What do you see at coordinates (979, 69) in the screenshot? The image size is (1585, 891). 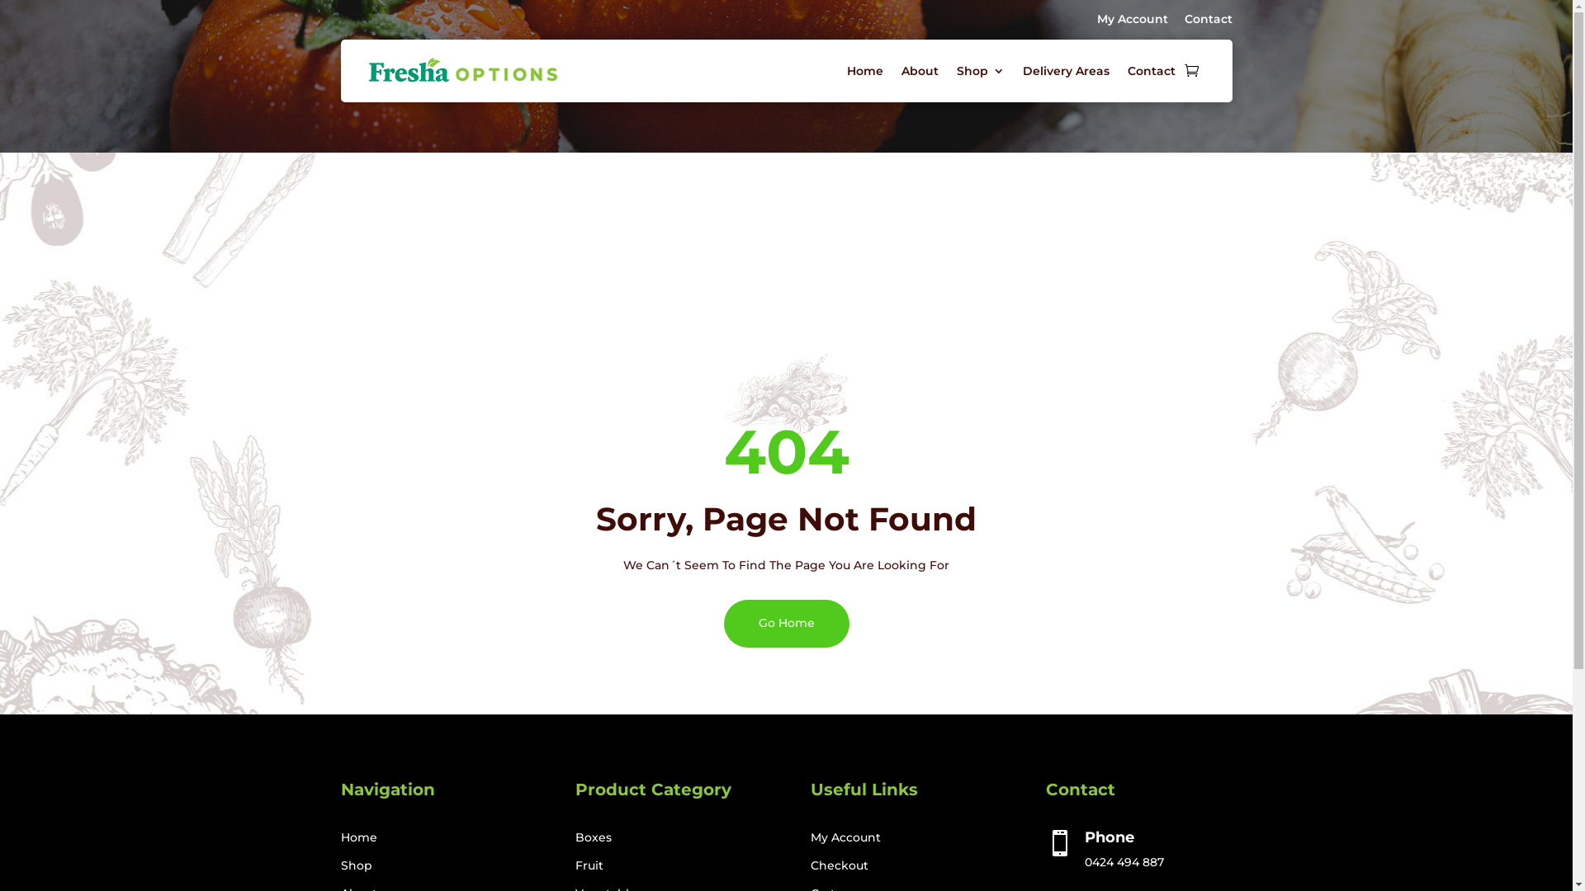 I see `'Shop'` at bounding box center [979, 69].